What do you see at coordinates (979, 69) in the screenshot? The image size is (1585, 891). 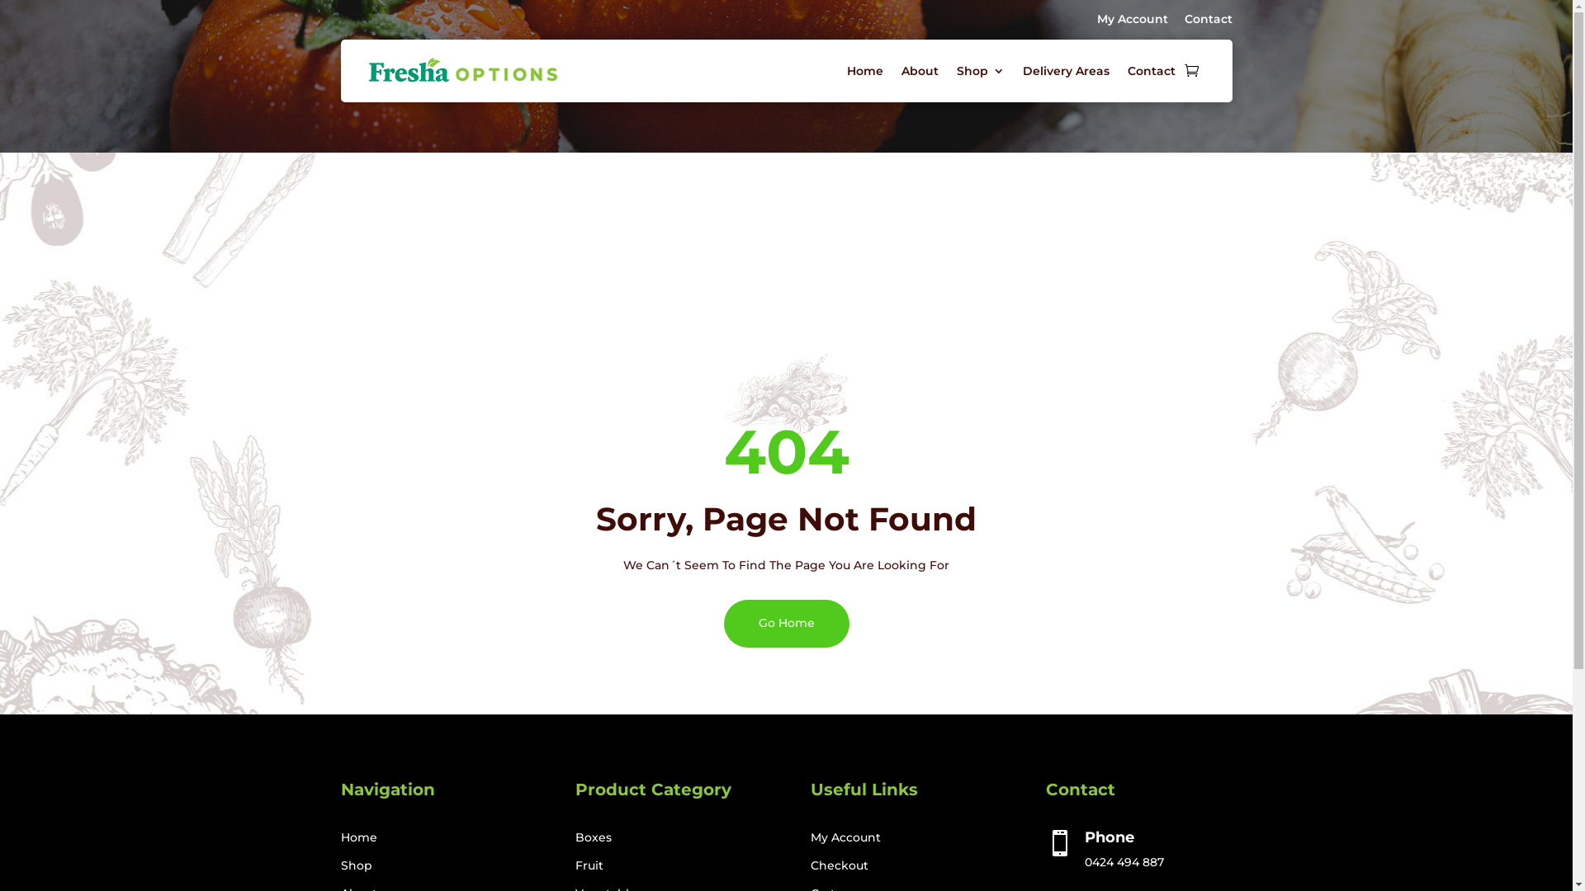 I see `'Shop'` at bounding box center [979, 69].